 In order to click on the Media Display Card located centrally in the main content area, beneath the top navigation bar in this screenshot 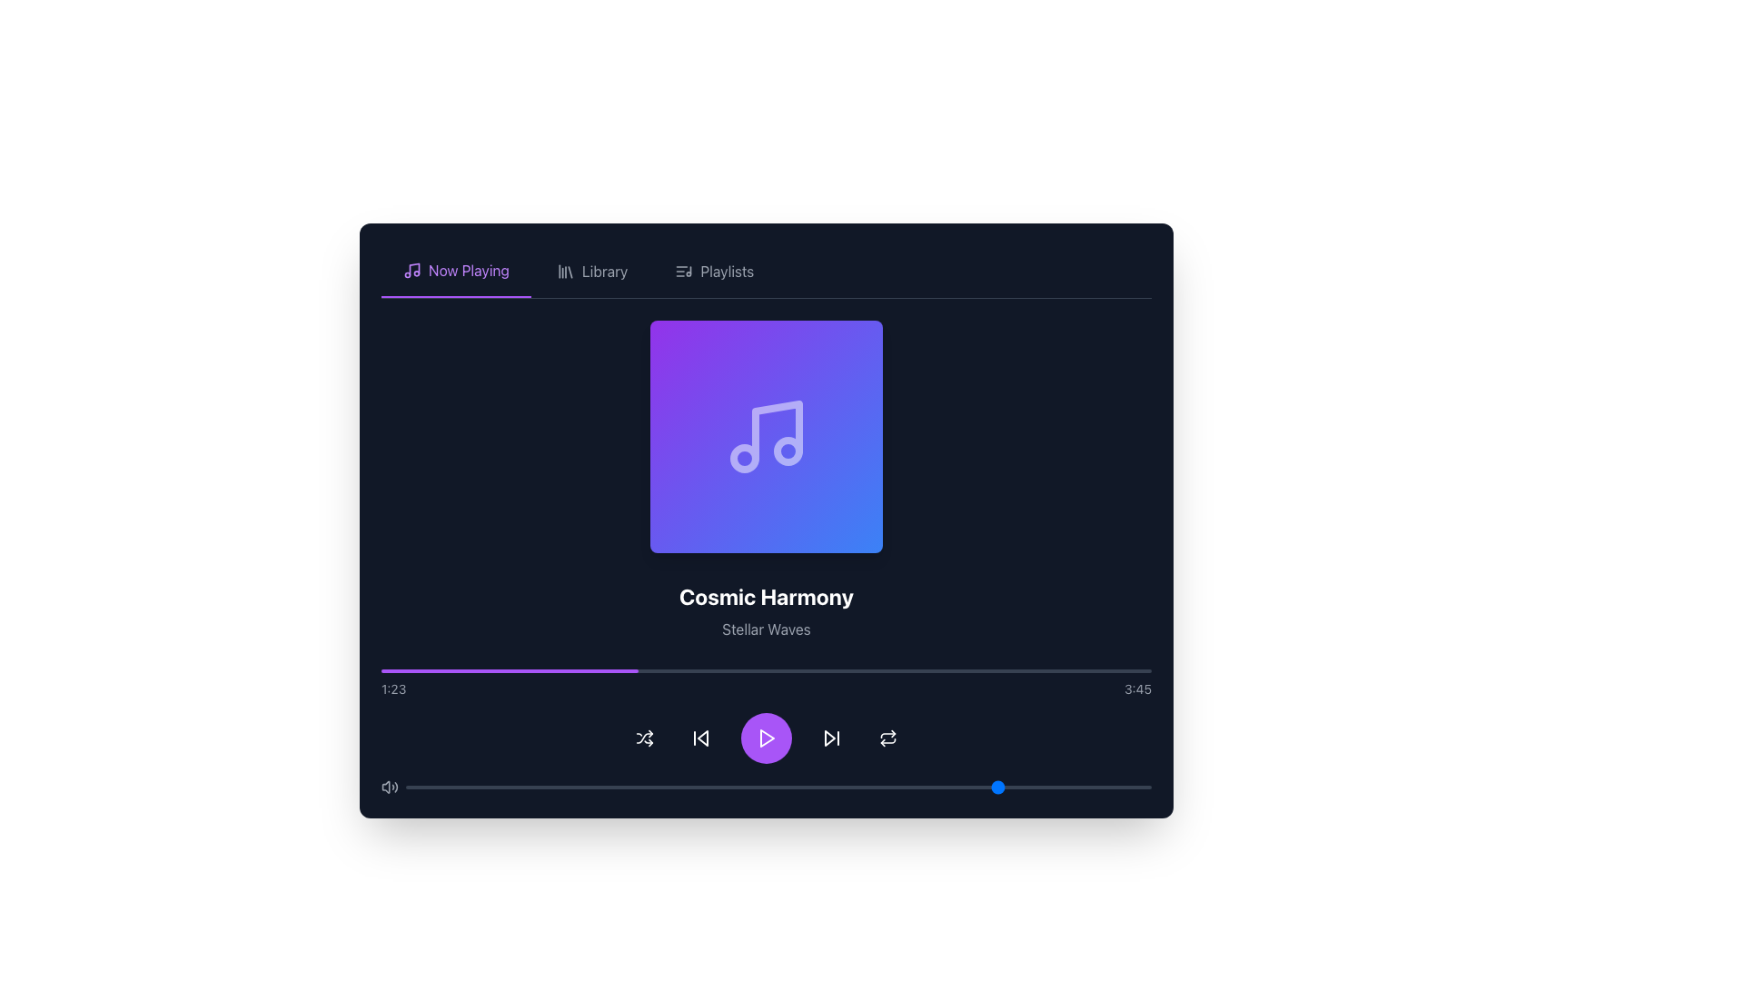, I will do `click(767, 557)`.